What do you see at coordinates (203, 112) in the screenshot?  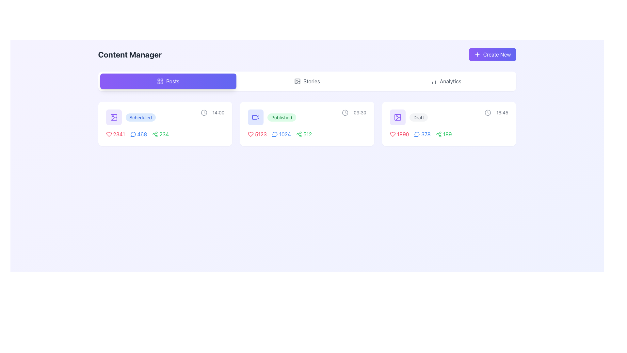 I see `the circular clock icon located in the top-right corner of the 'Scheduled' content card` at bounding box center [203, 112].